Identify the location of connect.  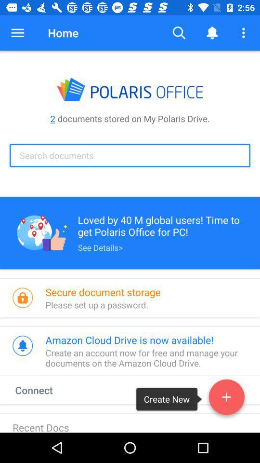
(42, 390).